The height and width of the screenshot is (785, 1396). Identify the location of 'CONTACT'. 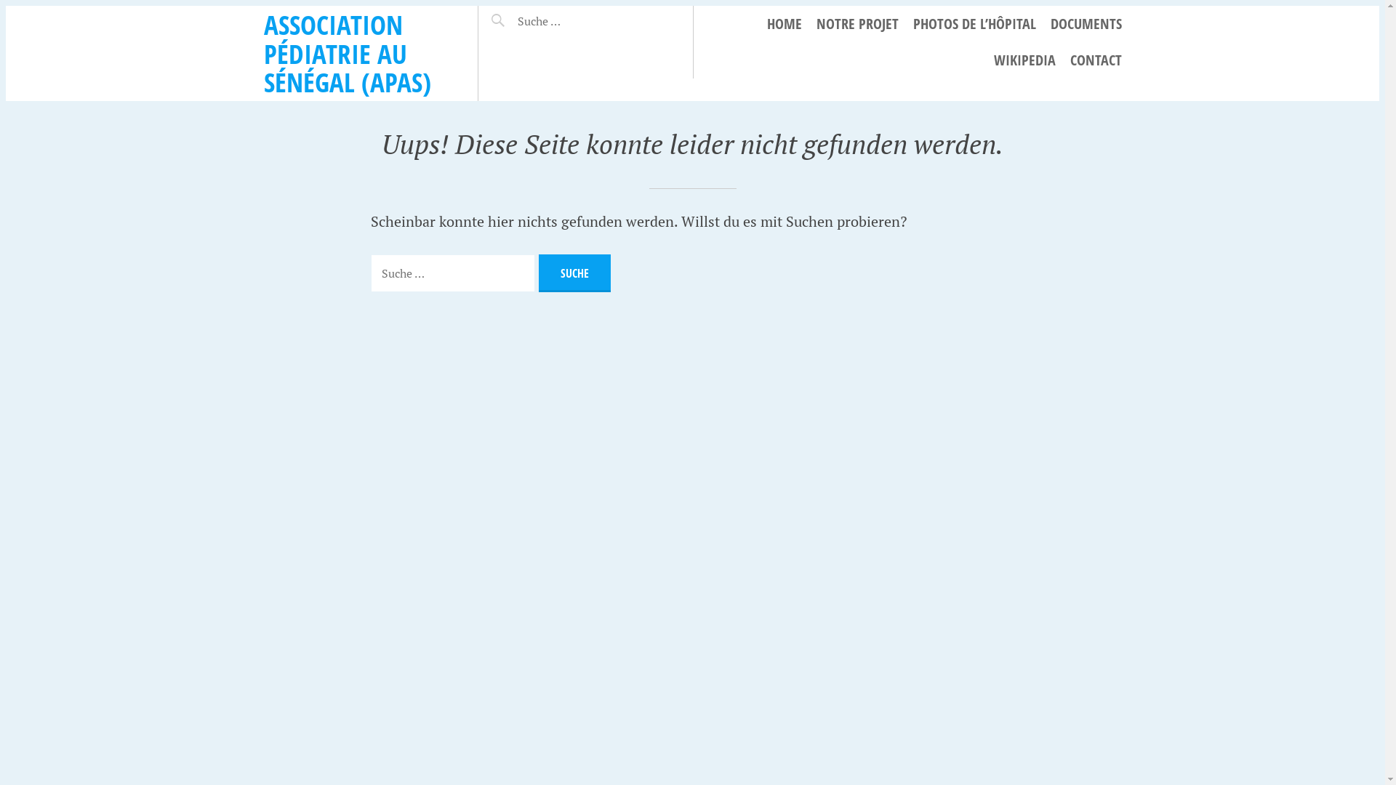
(1070, 60).